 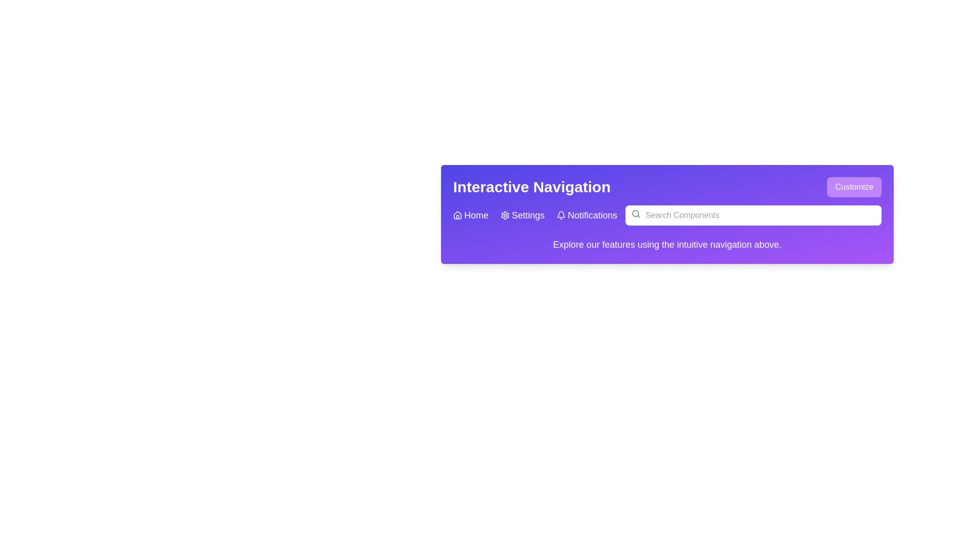 What do you see at coordinates (457, 215) in the screenshot?
I see `the house-shaped icon outlined in white, located in the purple background area of the navigation bar` at bounding box center [457, 215].